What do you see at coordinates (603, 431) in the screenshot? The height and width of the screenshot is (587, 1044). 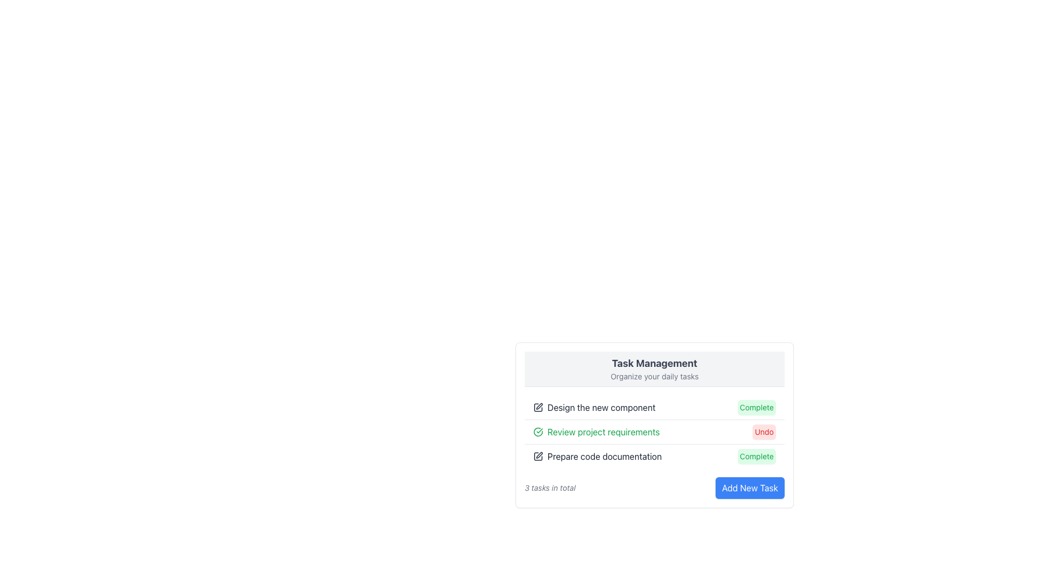 I see `the static text label indicating the nature of the task within the task management system, located in the second row of the task list, following 'Design the new component'` at bounding box center [603, 431].